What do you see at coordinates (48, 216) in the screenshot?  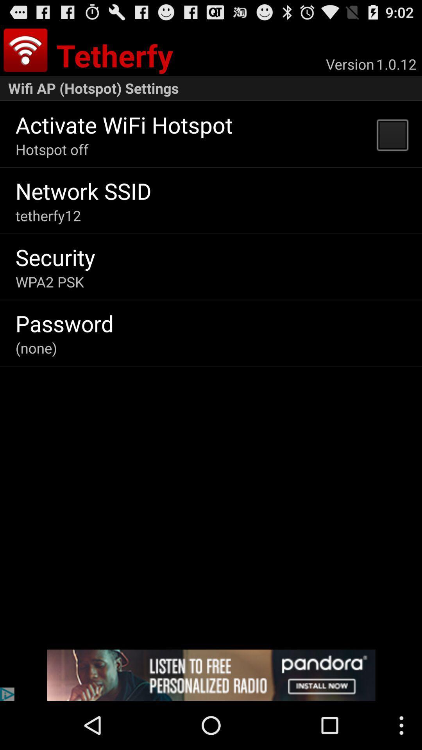 I see `the item above the security icon` at bounding box center [48, 216].